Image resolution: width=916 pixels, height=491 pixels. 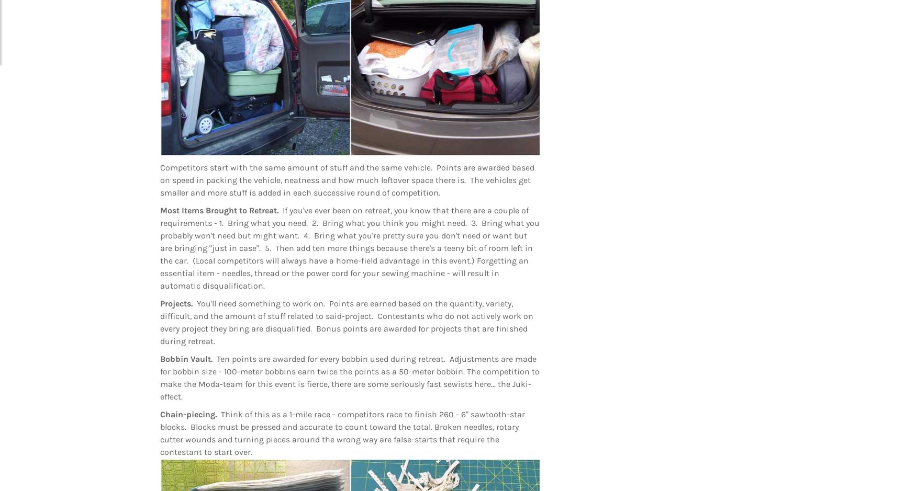 What do you see at coordinates (203, 359) in the screenshot?
I see `'Vault.'` at bounding box center [203, 359].